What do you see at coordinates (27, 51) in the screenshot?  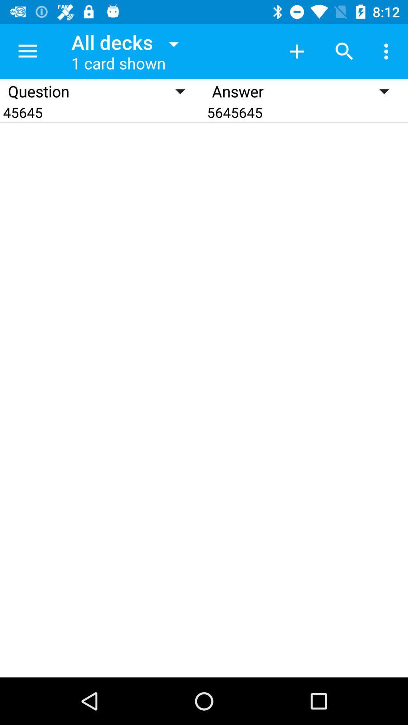 I see `the item next to the all decks icon` at bounding box center [27, 51].